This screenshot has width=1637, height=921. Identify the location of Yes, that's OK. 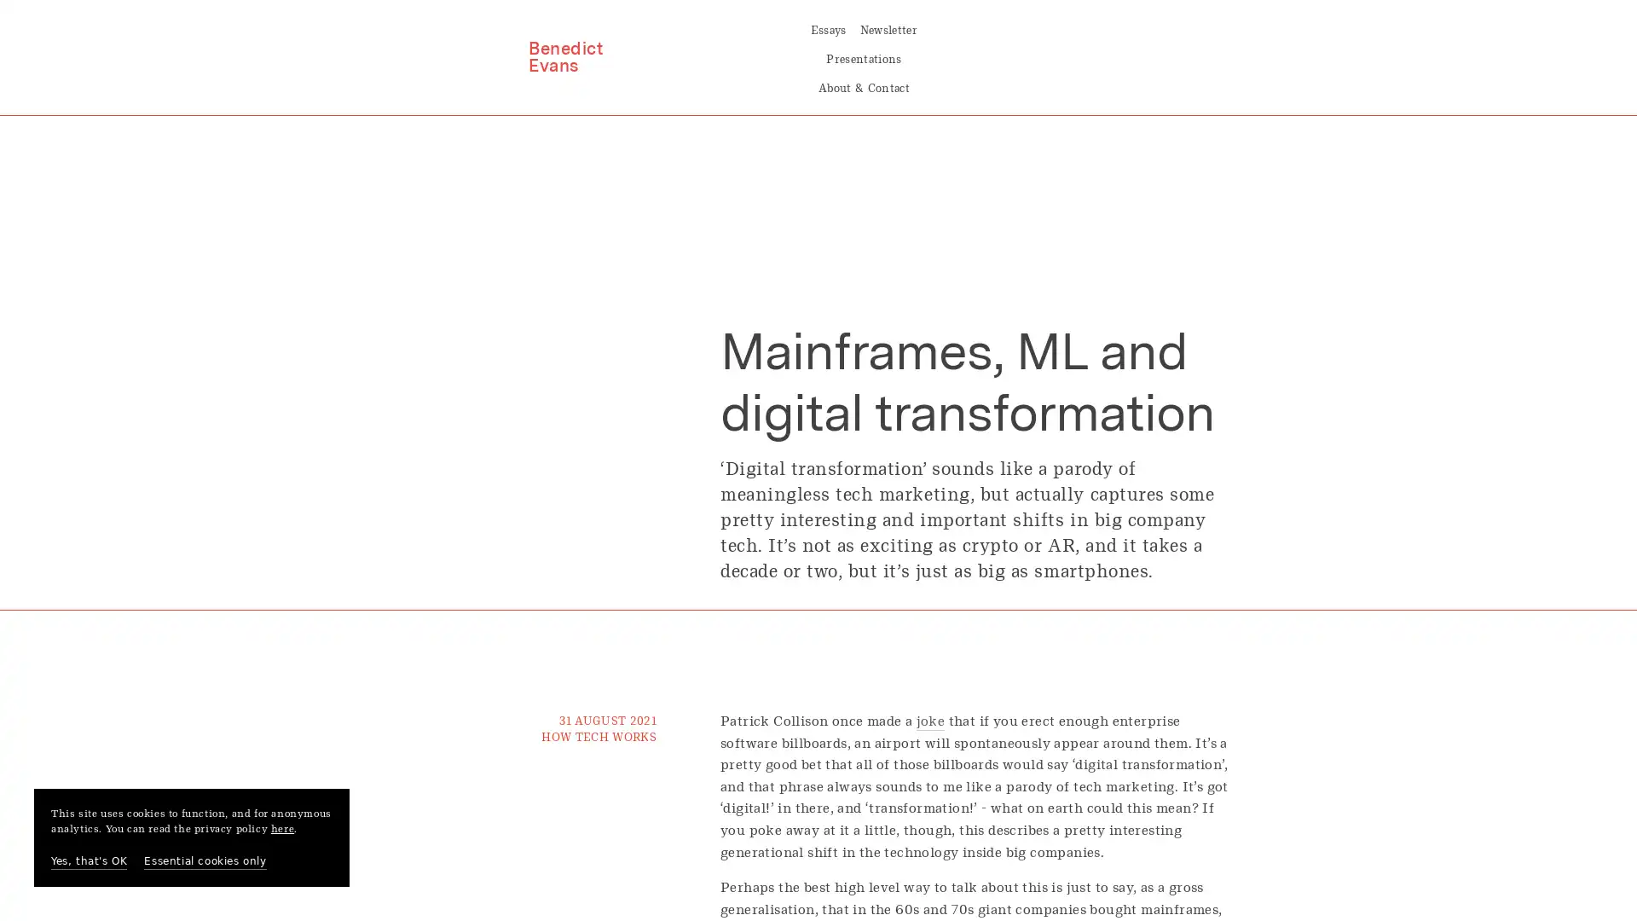
(88, 861).